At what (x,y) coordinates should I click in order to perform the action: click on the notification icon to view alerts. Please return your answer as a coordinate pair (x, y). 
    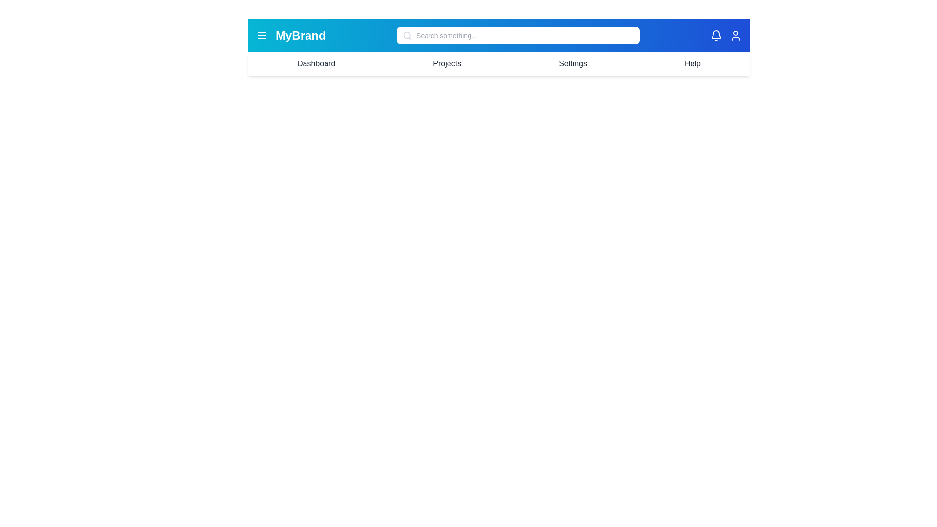
    Looking at the image, I should click on (716, 35).